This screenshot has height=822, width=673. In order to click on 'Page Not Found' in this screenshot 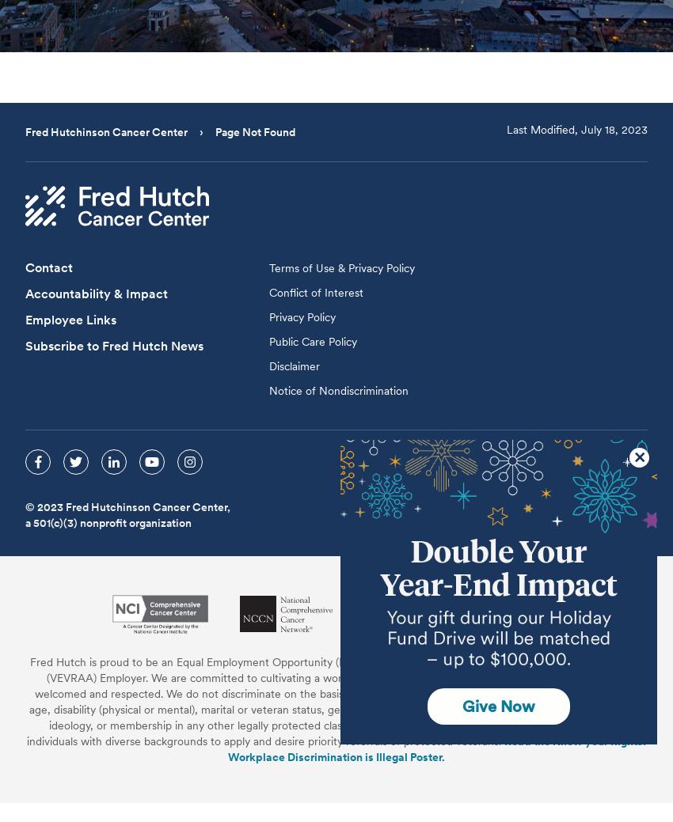, I will do `click(255, 131)`.